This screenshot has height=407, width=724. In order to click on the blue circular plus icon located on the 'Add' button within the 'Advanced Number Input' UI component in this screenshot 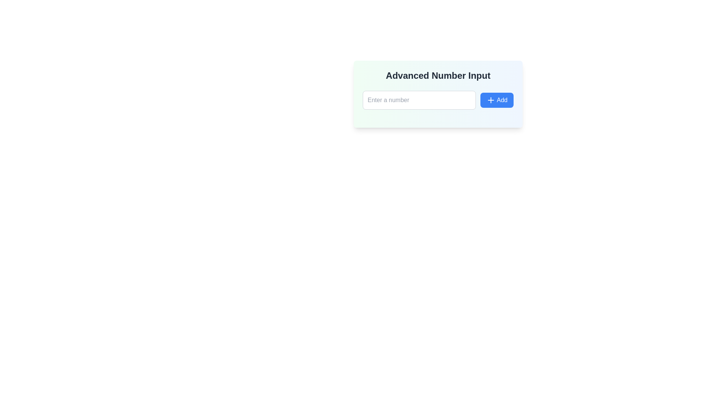, I will do `click(491, 100)`.